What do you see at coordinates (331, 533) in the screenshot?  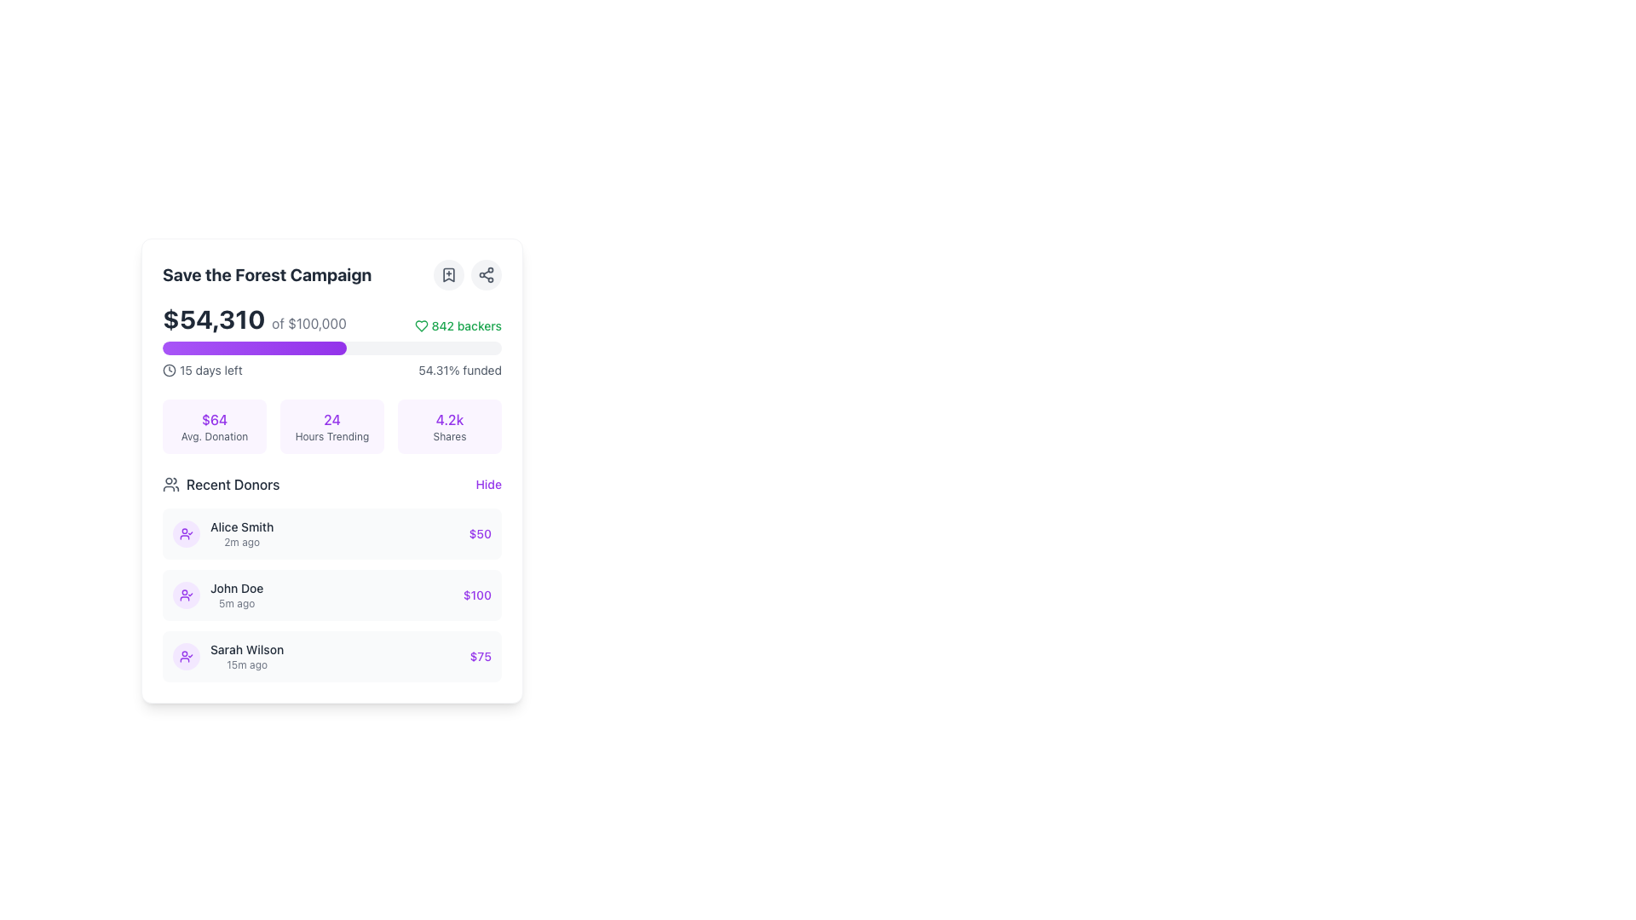 I see `the informational list item representing 'Alice Smith' in the 'Recent Donors' section` at bounding box center [331, 533].